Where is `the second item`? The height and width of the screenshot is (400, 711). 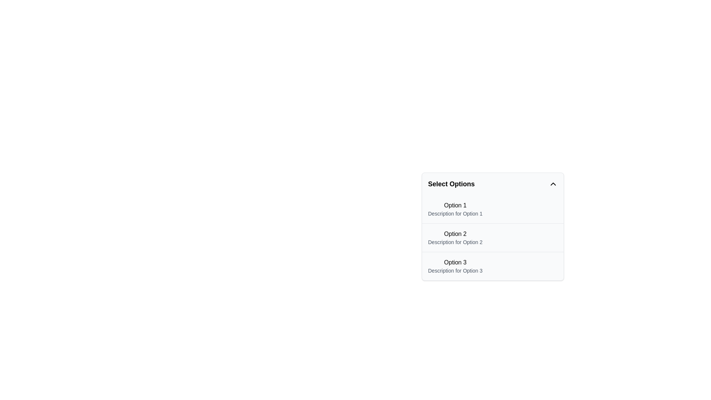
the second item is located at coordinates (493, 237).